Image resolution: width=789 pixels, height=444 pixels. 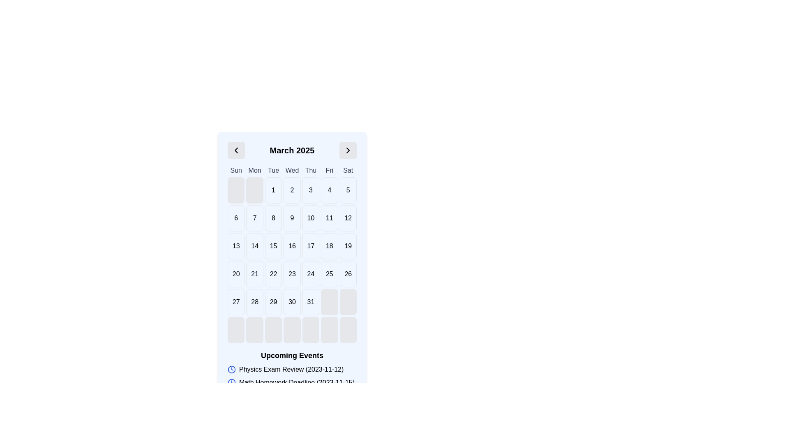 What do you see at coordinates (235, 245) in the screenshot?
I see `the grid cell displaying the number '13' in the calendar for March 2025` at bounding box center [235, 245].